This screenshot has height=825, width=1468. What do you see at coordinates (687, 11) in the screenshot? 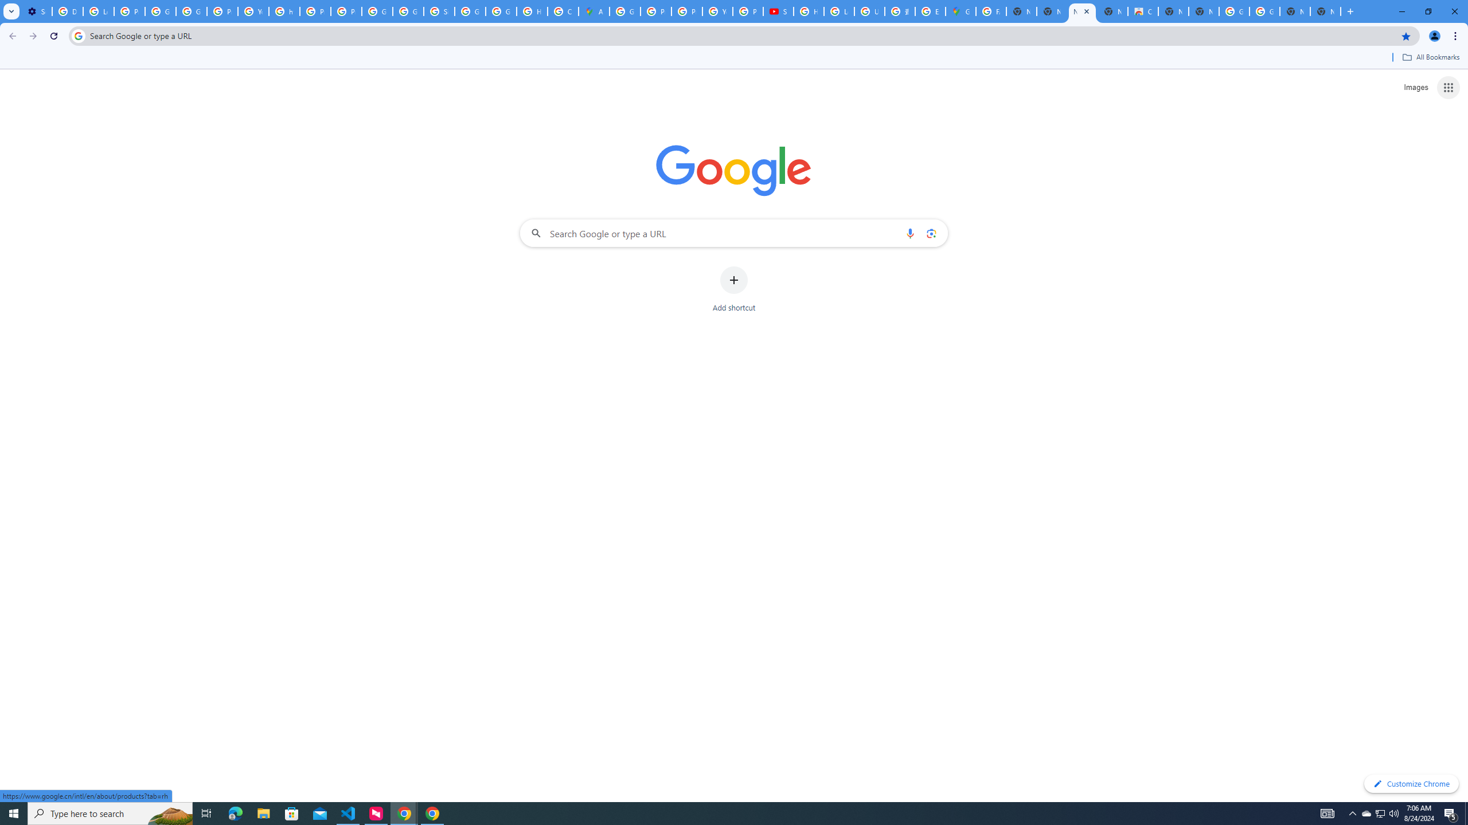
I see `'Privacy Help Center - Policies Help'` at bounding box center [687, 11].